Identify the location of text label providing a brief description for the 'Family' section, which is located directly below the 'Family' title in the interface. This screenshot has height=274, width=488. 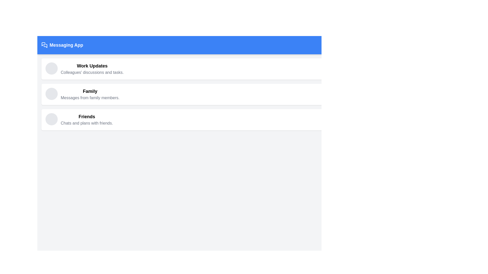
(90, 98).